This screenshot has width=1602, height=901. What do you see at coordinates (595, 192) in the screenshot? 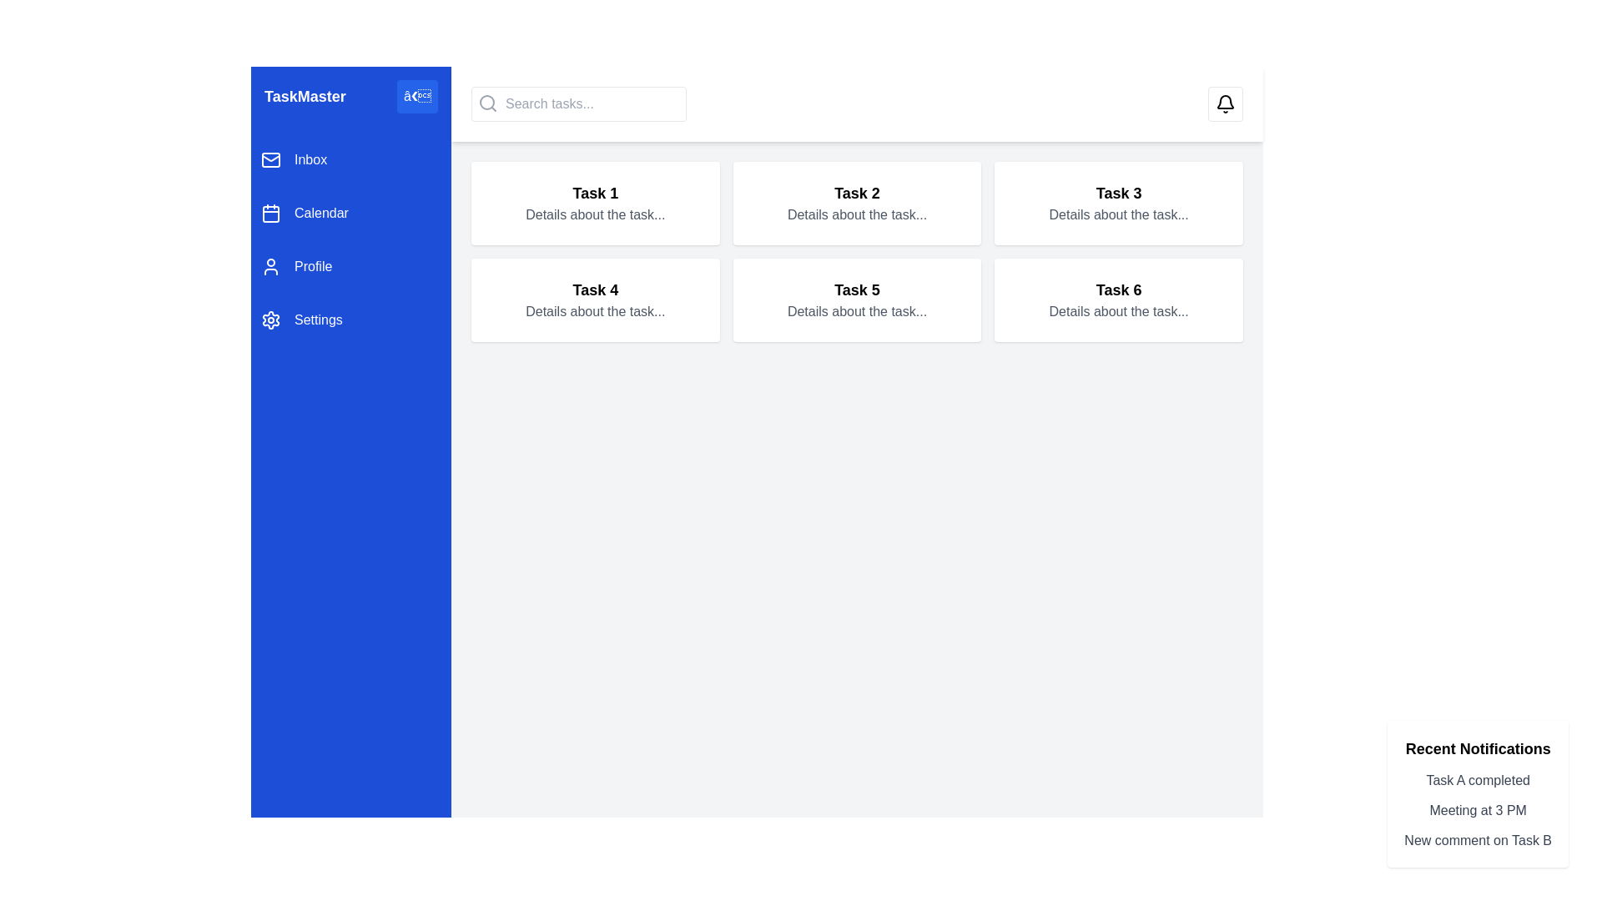
I see `the Static Text element displaying 'Task 1', which is styled in bold and prominently positioned within the first card of the task grid` at bounding box center [595, 192].